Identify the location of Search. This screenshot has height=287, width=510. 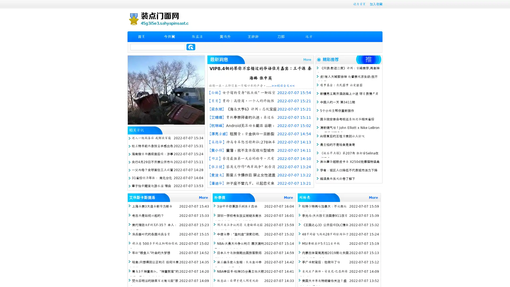
(191, 47).